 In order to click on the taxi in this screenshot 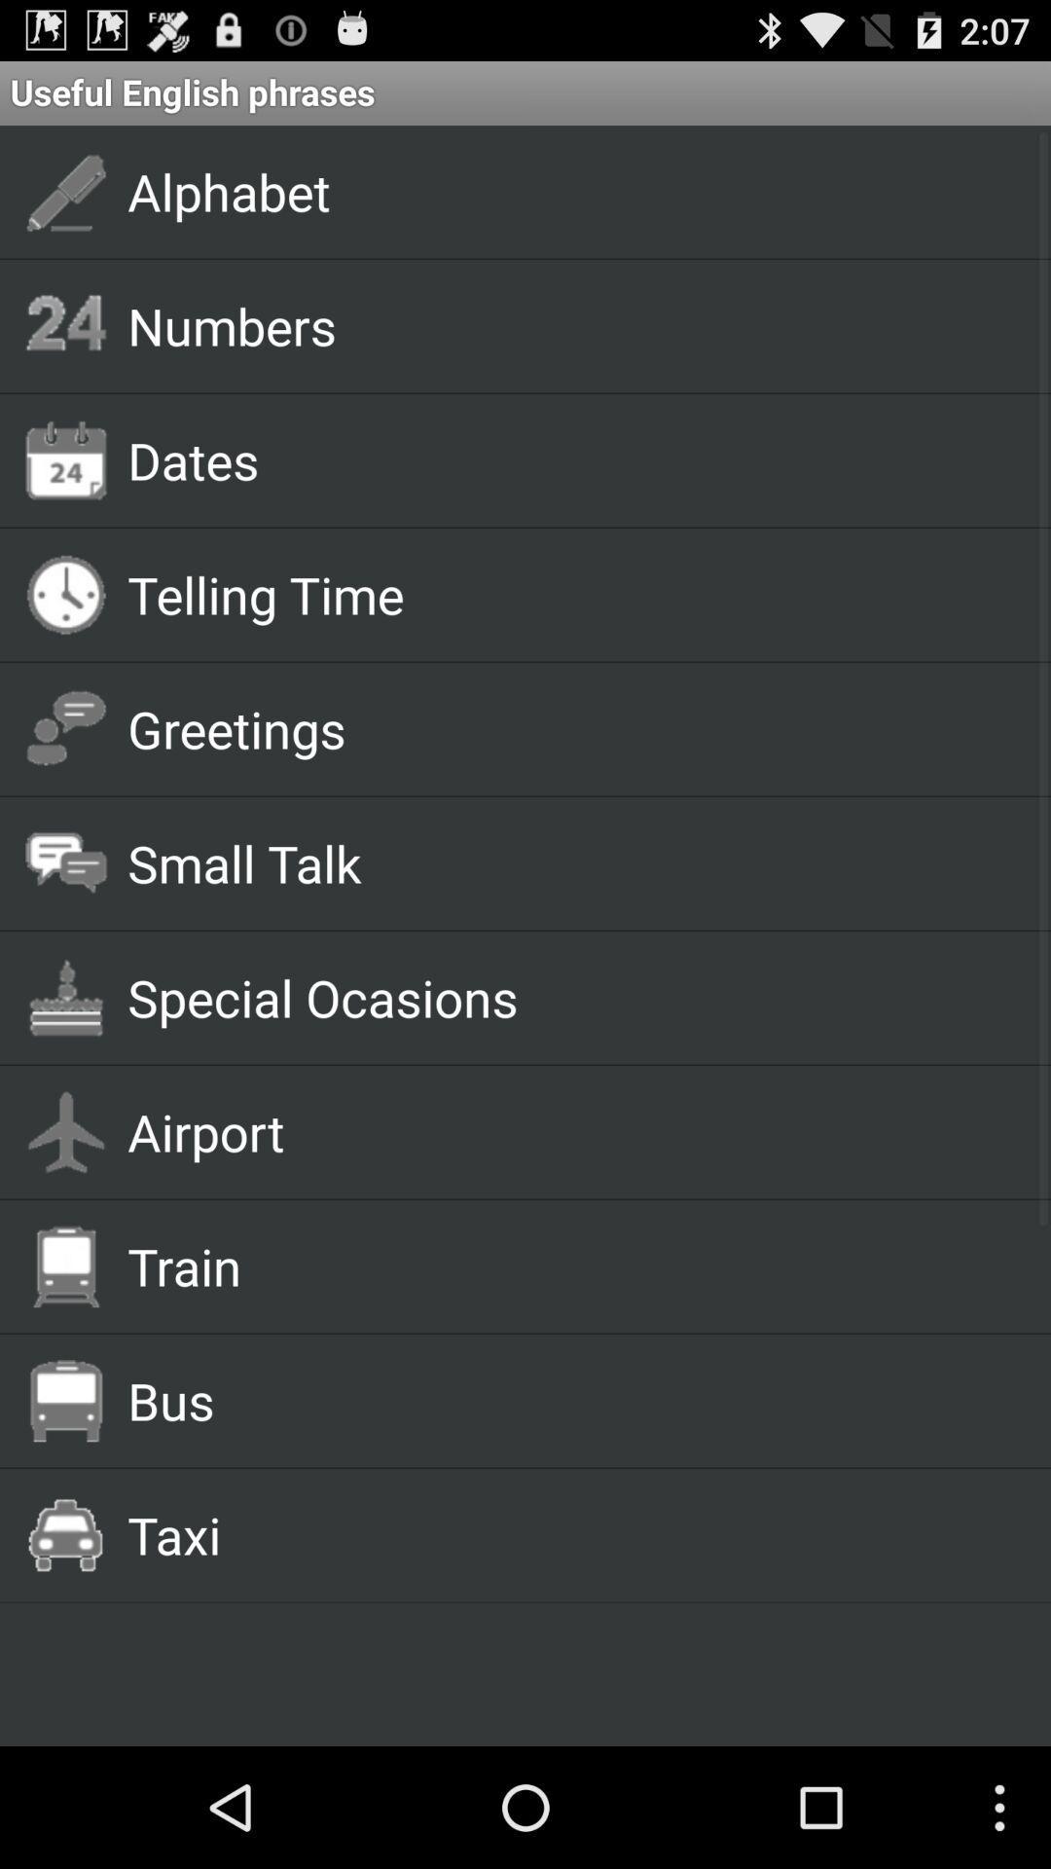, I will do `click(566, 1533)`.